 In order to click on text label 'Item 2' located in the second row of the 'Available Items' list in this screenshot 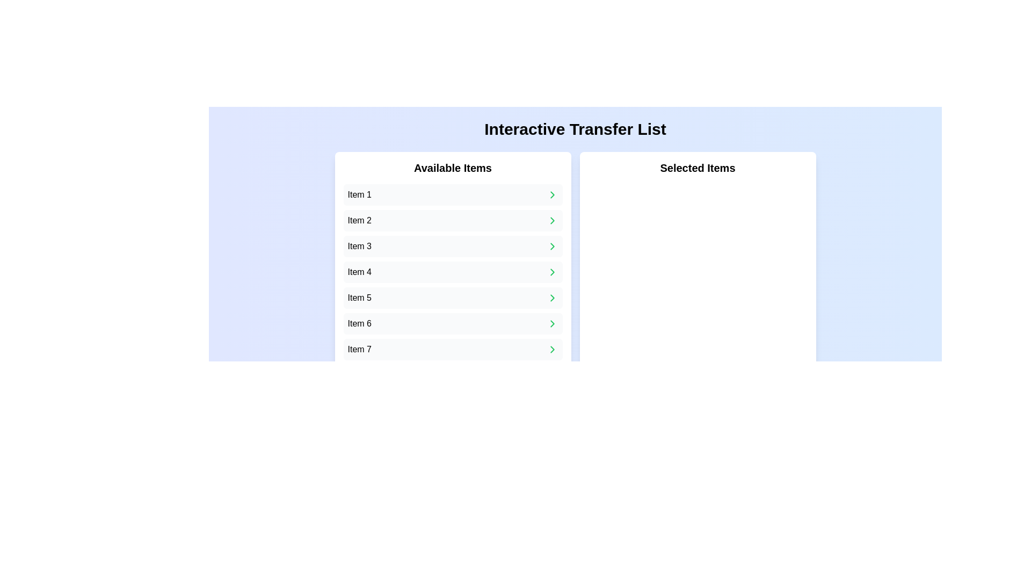, I will do `click(359, 220)`.